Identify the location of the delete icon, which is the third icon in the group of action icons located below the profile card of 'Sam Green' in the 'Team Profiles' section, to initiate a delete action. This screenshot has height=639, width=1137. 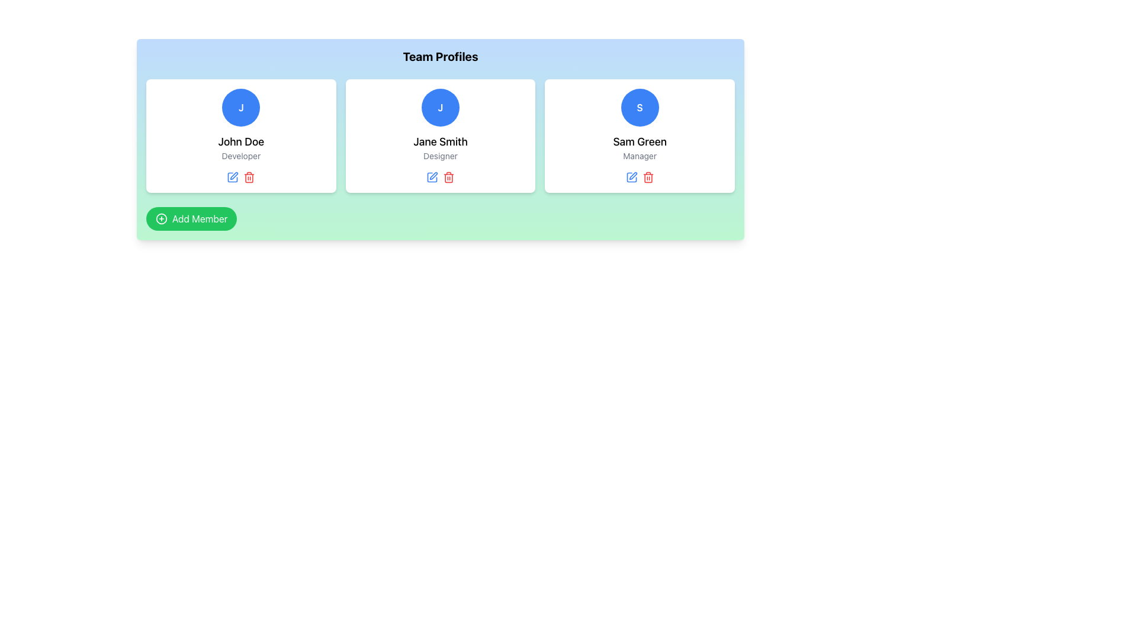
(647, 177).